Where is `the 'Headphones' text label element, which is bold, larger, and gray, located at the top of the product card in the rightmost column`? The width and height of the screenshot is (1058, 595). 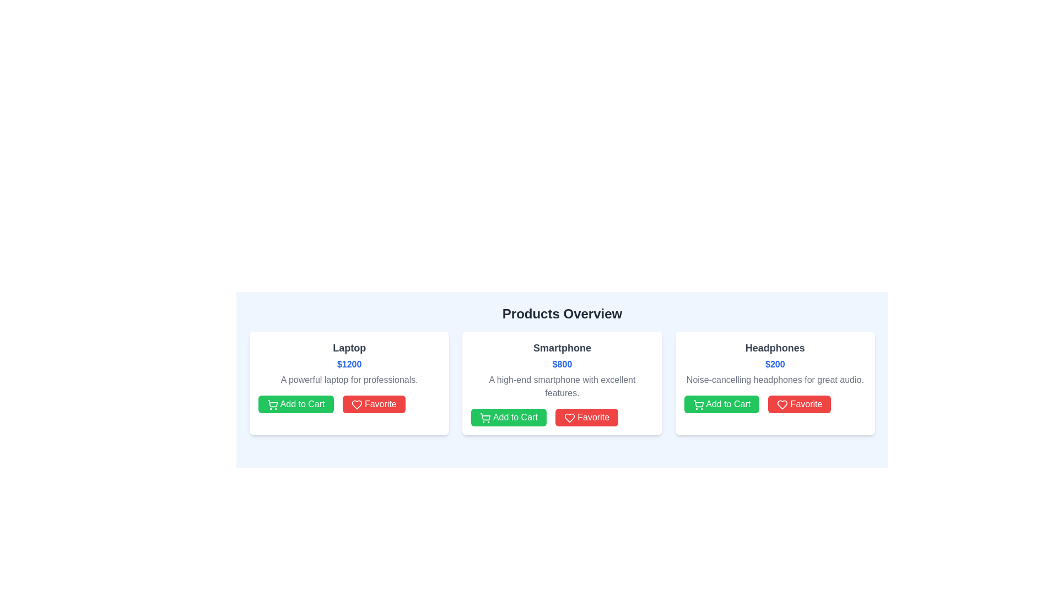 the 'Headphones' text label element, which is bold, larger, and gray, located at the top of the product card in the rightmost column is located at coordinates (774, 348).